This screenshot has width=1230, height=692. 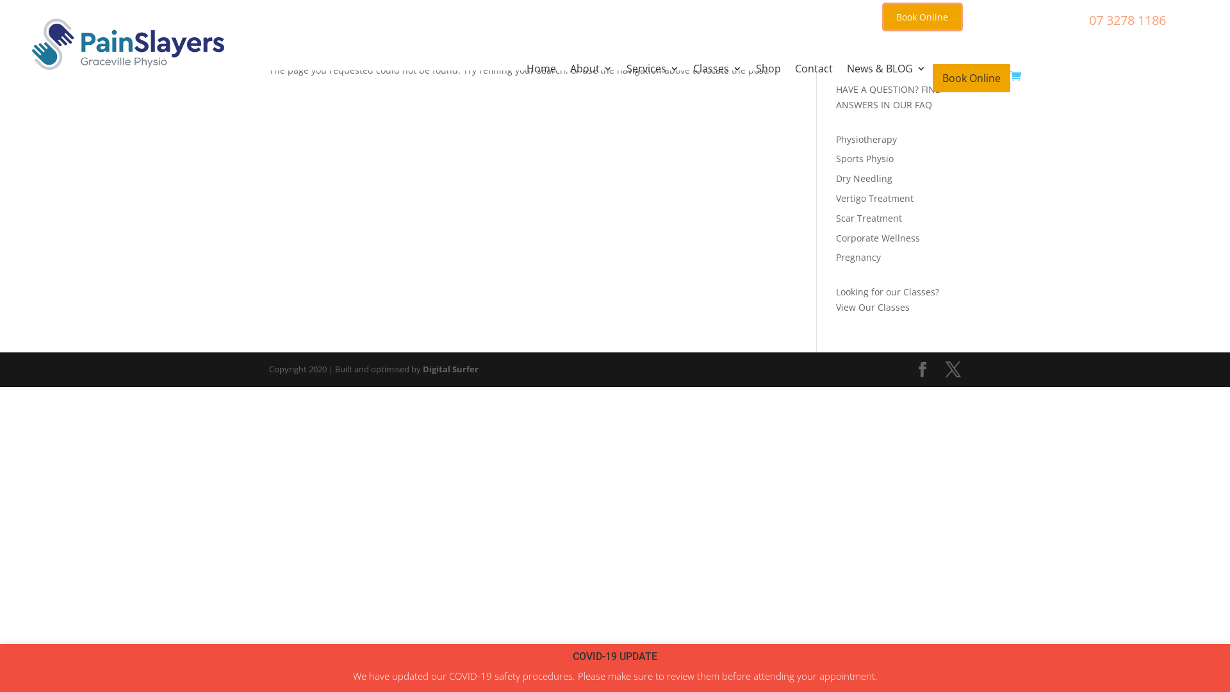 What do you see at coordinates (450, 368) in the screenshot?
I see `'Digital Surfer'` at bounding box center [450, 368].